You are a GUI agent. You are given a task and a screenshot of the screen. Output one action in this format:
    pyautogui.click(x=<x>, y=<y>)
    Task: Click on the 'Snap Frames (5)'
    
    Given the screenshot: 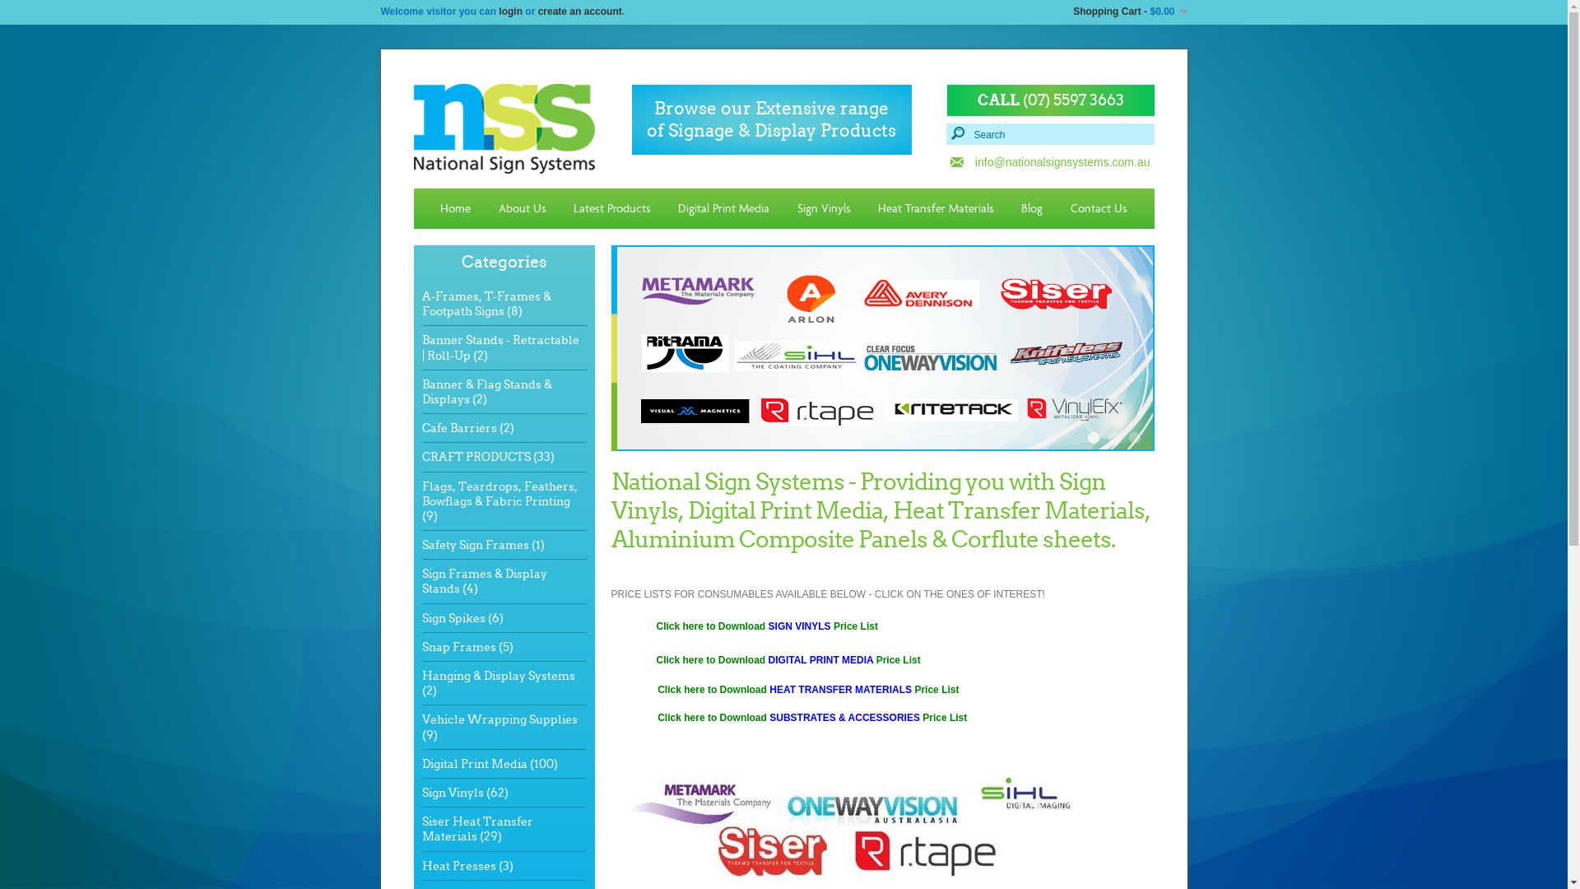 What is the action you would take?
    pyautogui.click(x=466, y=646)
    